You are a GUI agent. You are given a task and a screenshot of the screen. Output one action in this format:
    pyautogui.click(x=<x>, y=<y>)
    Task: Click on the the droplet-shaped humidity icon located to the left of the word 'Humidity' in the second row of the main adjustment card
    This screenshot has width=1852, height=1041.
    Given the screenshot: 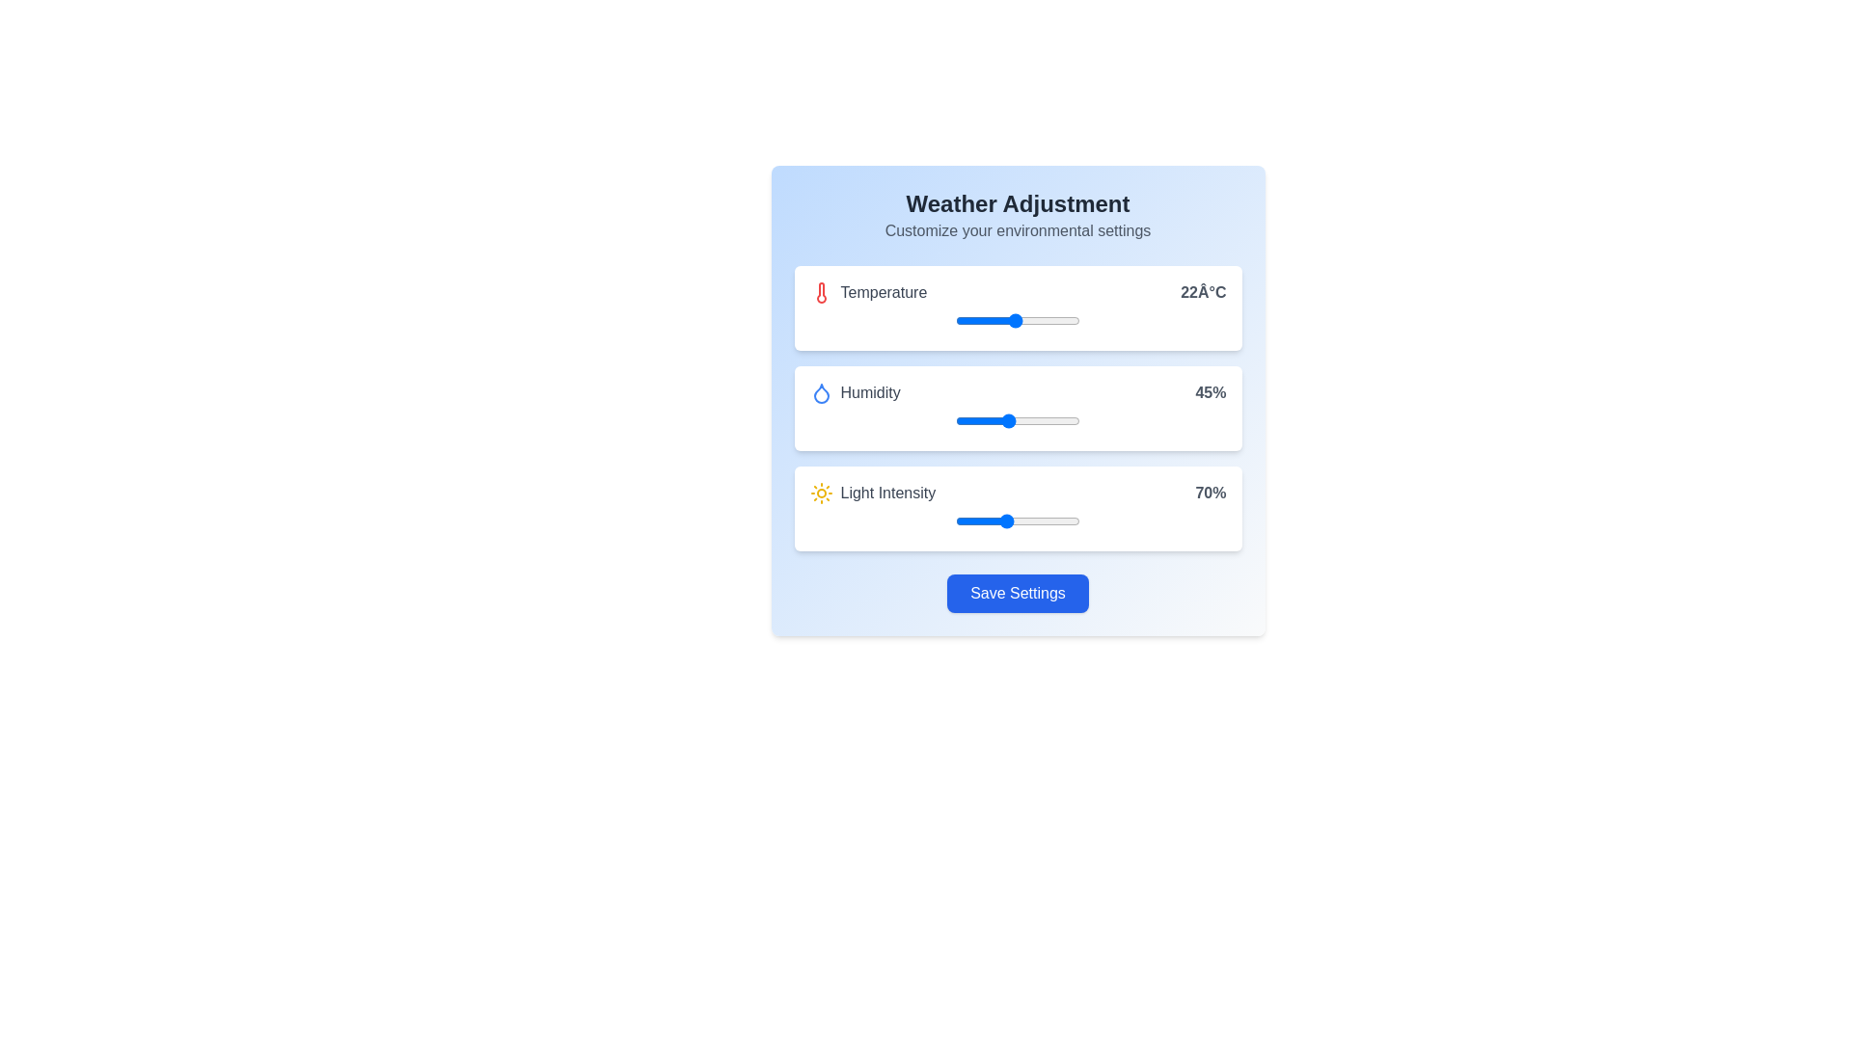 What is the action you would take?
    pyautogui.click(x=821, y=392)
    